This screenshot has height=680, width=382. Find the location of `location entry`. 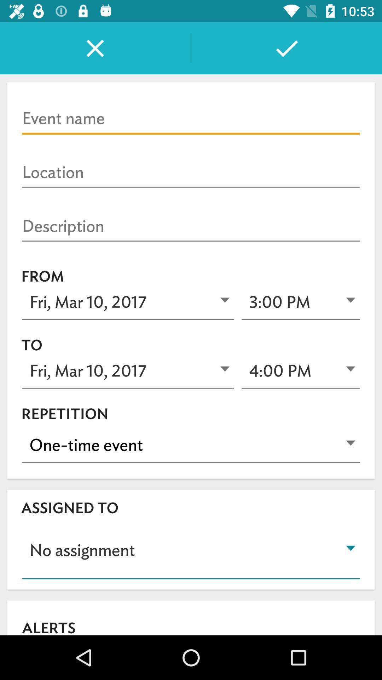

location entry is located at coordinates (191, 172).